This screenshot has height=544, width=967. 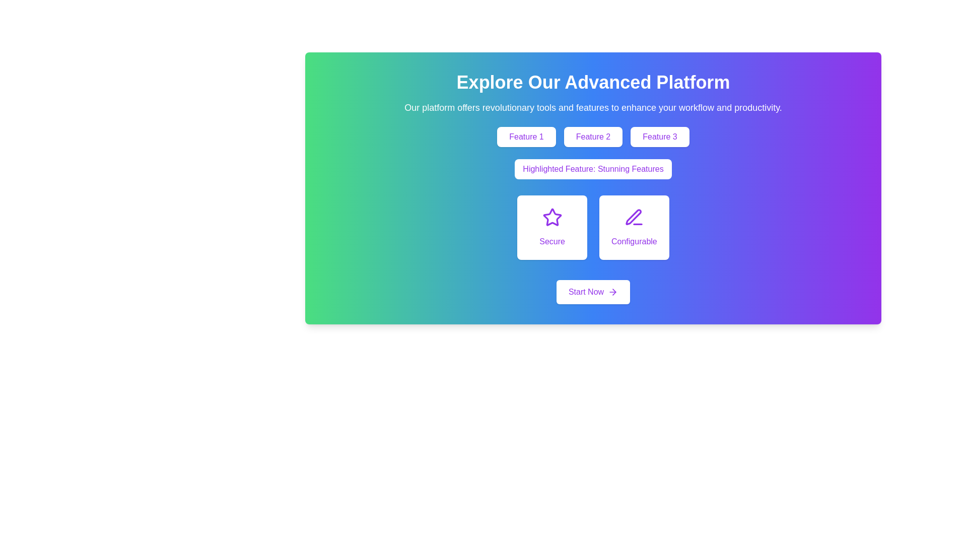 I want to click on the rightward-pointing arrow icon with a purple outline located at the rightmost end of the 'Start Now' button, so click(x=612, y=292).